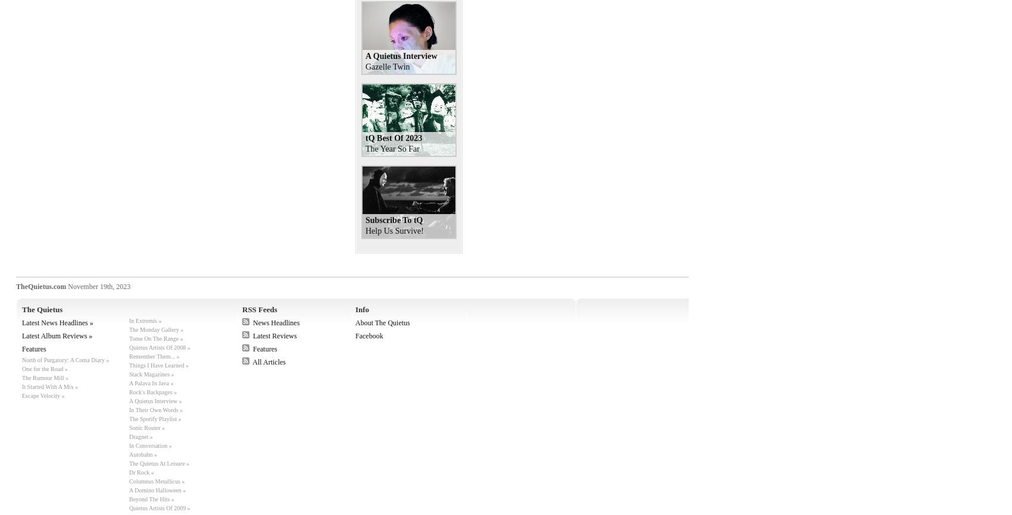 The width and height of the screenshot is (1012, 515). Describe the element at coordinates (154, 356) in the screenshot. I see `'Remember Them... »'` at that location.